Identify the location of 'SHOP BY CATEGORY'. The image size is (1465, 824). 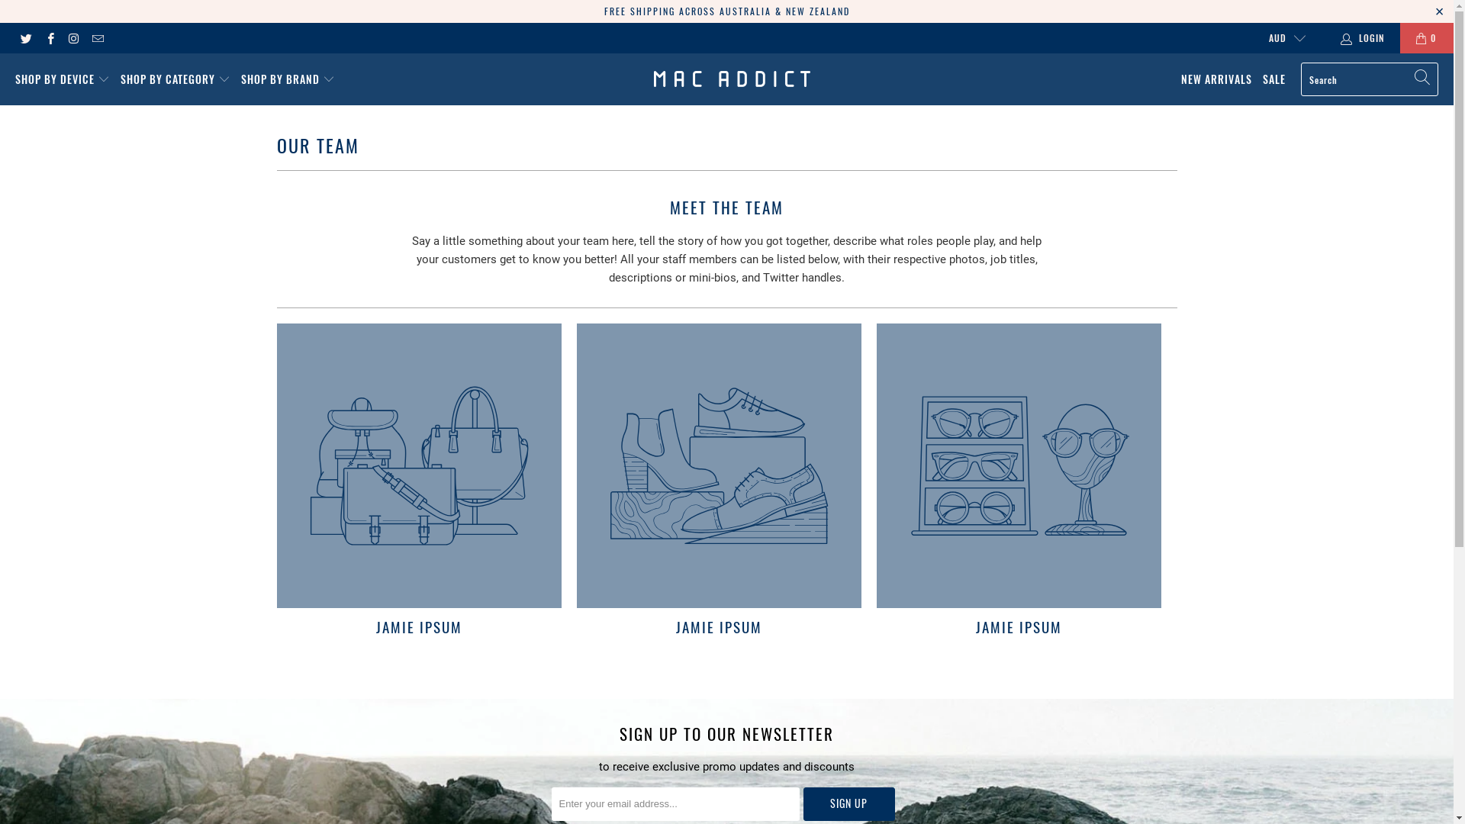
(175, 79).